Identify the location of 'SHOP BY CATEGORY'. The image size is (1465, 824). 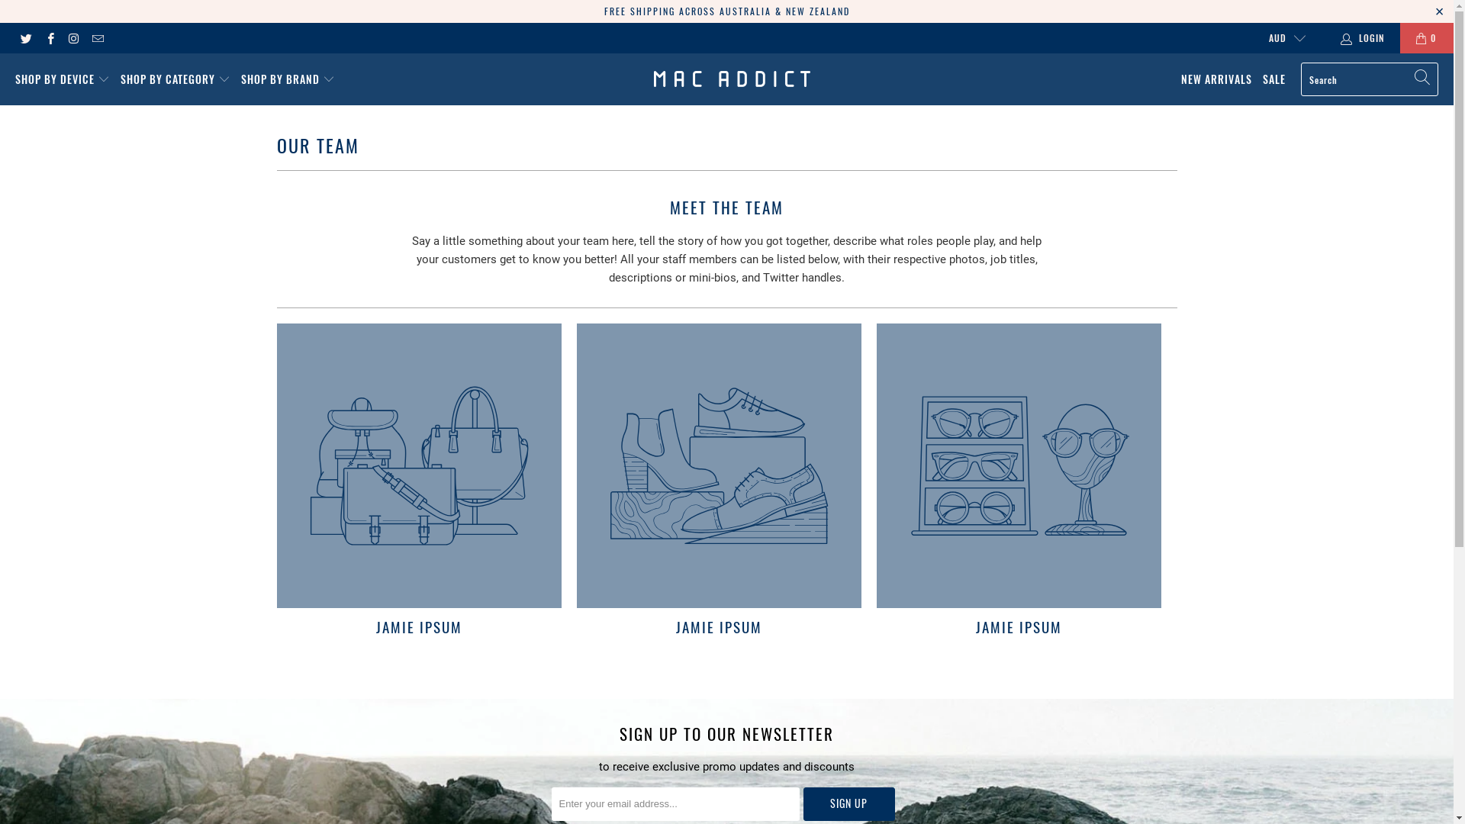
(175, 79).